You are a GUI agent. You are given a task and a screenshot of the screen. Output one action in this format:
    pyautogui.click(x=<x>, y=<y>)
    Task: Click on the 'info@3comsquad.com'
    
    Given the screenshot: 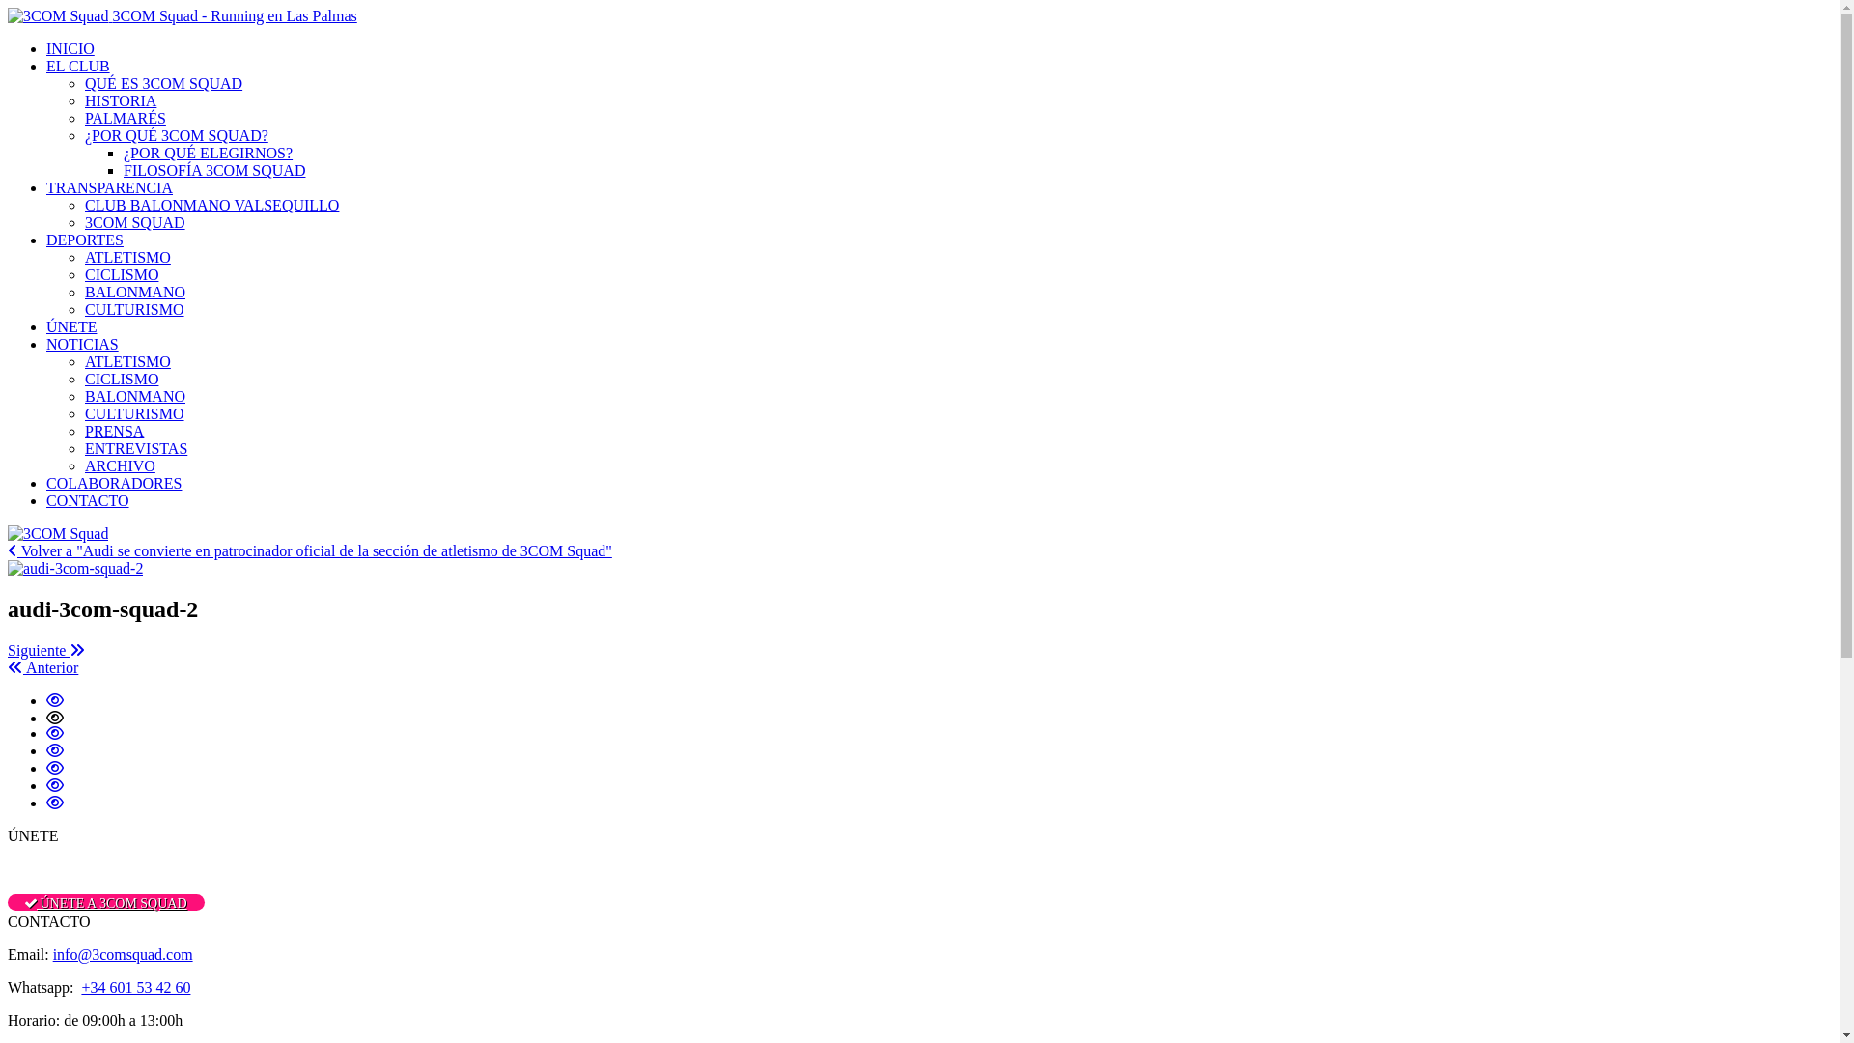 What is the action you would take?
    pyautogui.click(x=122, y=953)
    